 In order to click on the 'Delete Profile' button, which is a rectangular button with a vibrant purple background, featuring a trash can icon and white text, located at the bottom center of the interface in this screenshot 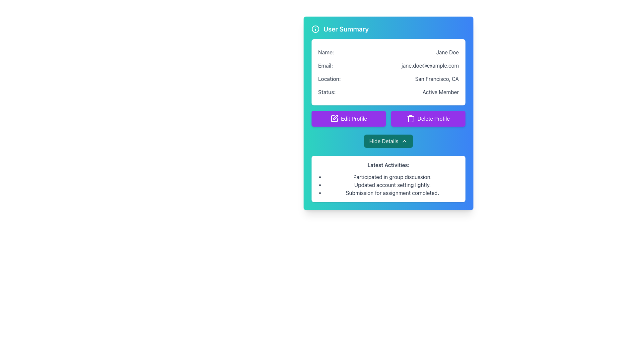, I will do `click(428, 118)`.